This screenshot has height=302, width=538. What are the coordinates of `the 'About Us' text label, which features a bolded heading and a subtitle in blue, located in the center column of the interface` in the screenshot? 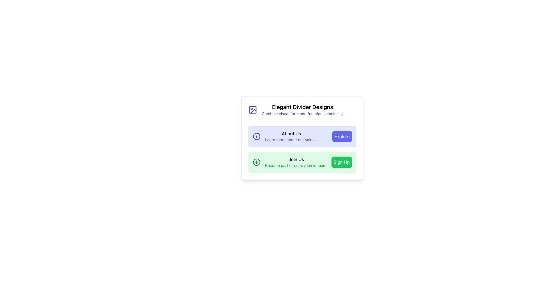 It's located at (291, 136).